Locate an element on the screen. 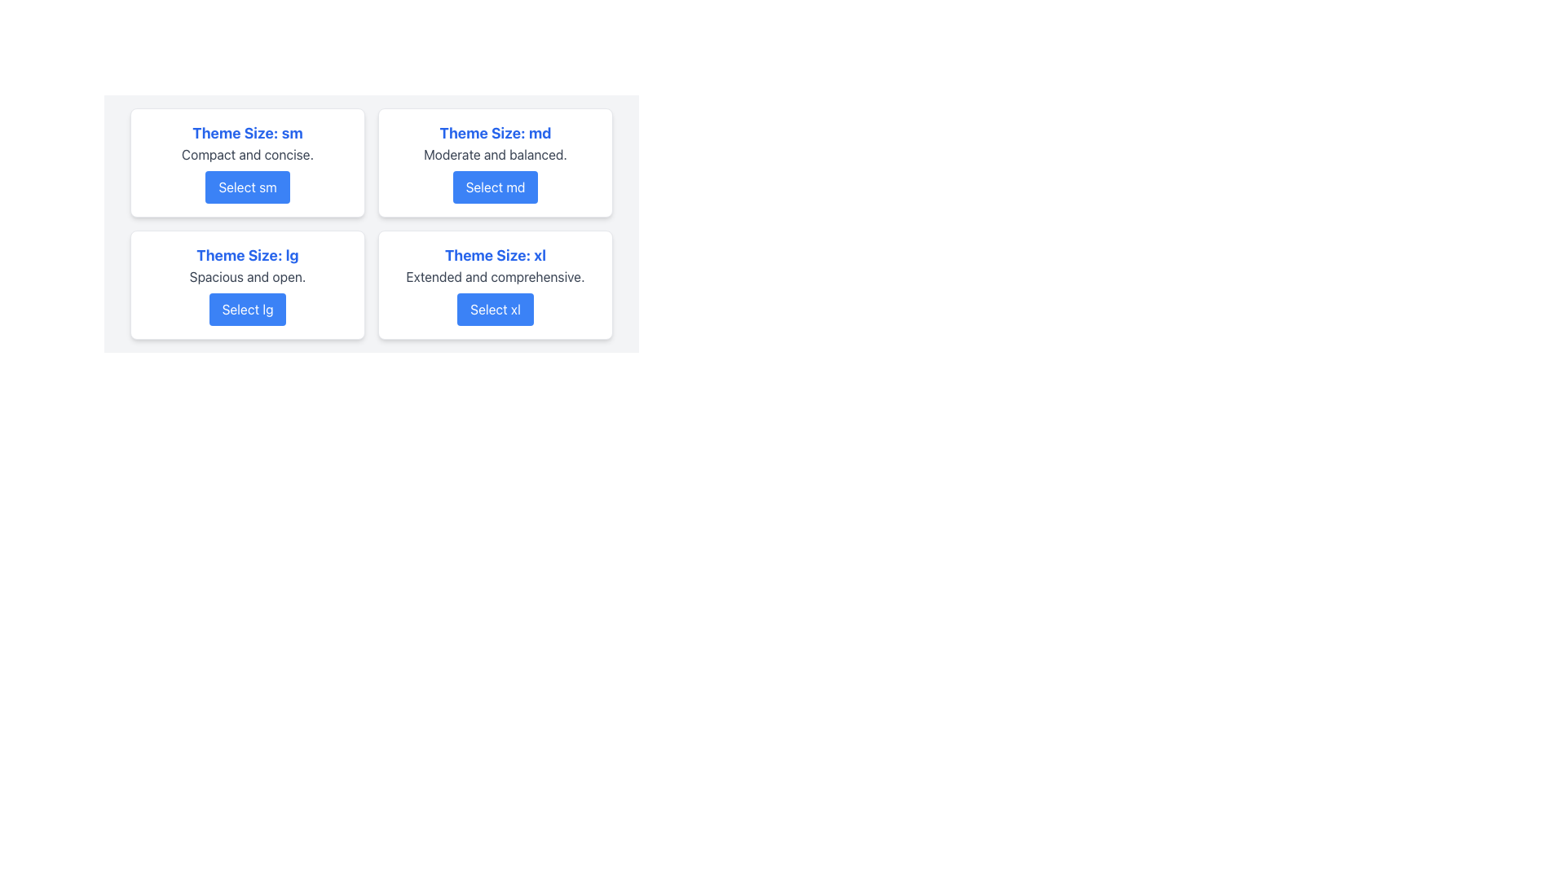 This screenshot has height=880, width=1565. the static text label that provides additional description for the 'Theme Size: xl' card, located below the title and above the button within the fourth column of the grid layout is located at coordinates (495, 275).